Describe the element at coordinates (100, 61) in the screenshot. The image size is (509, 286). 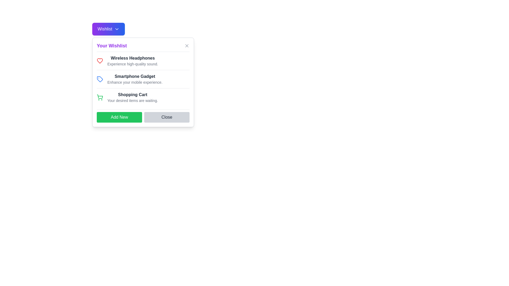
I see `the state of the heart icon located adjacent to the Wireless Headphones entry in the Your Wishlist section to determine if it indicates a favorited status` at that location.